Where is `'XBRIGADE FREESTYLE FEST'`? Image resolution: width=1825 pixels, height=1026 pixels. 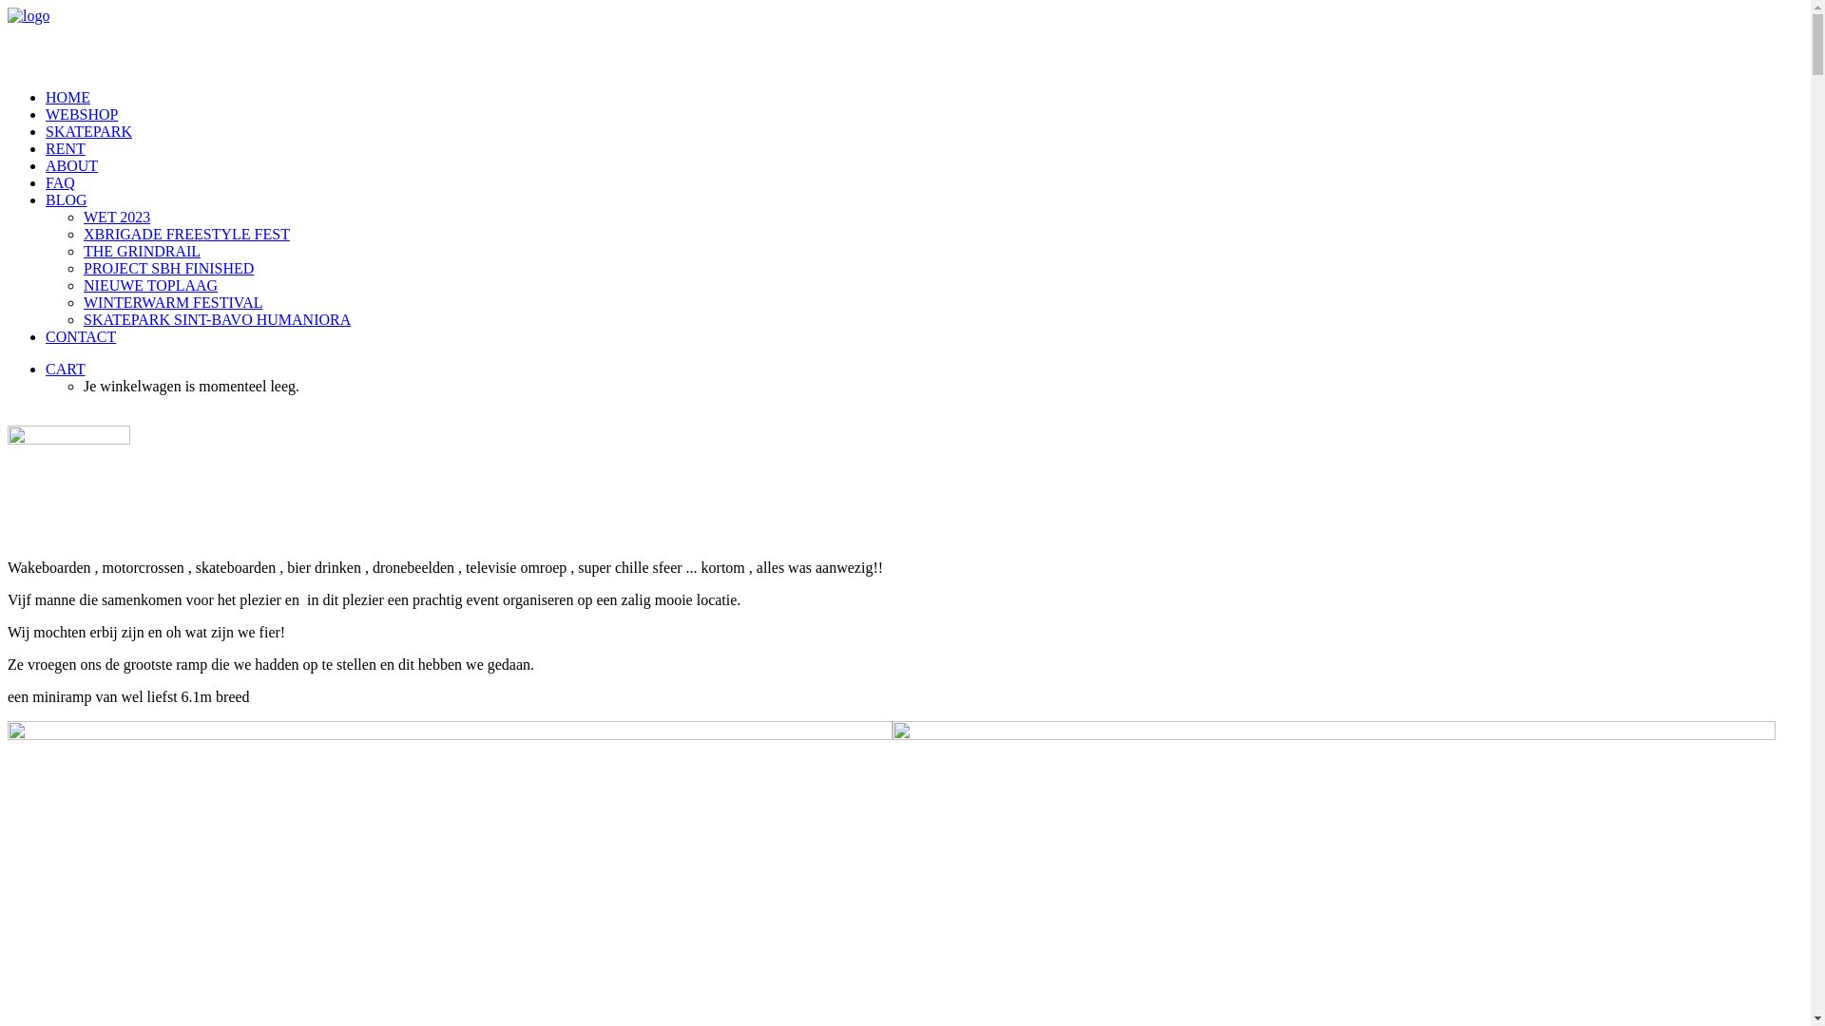
'XBRIGADE FREESTYLE FEST' is located at coordinates (82, 233).